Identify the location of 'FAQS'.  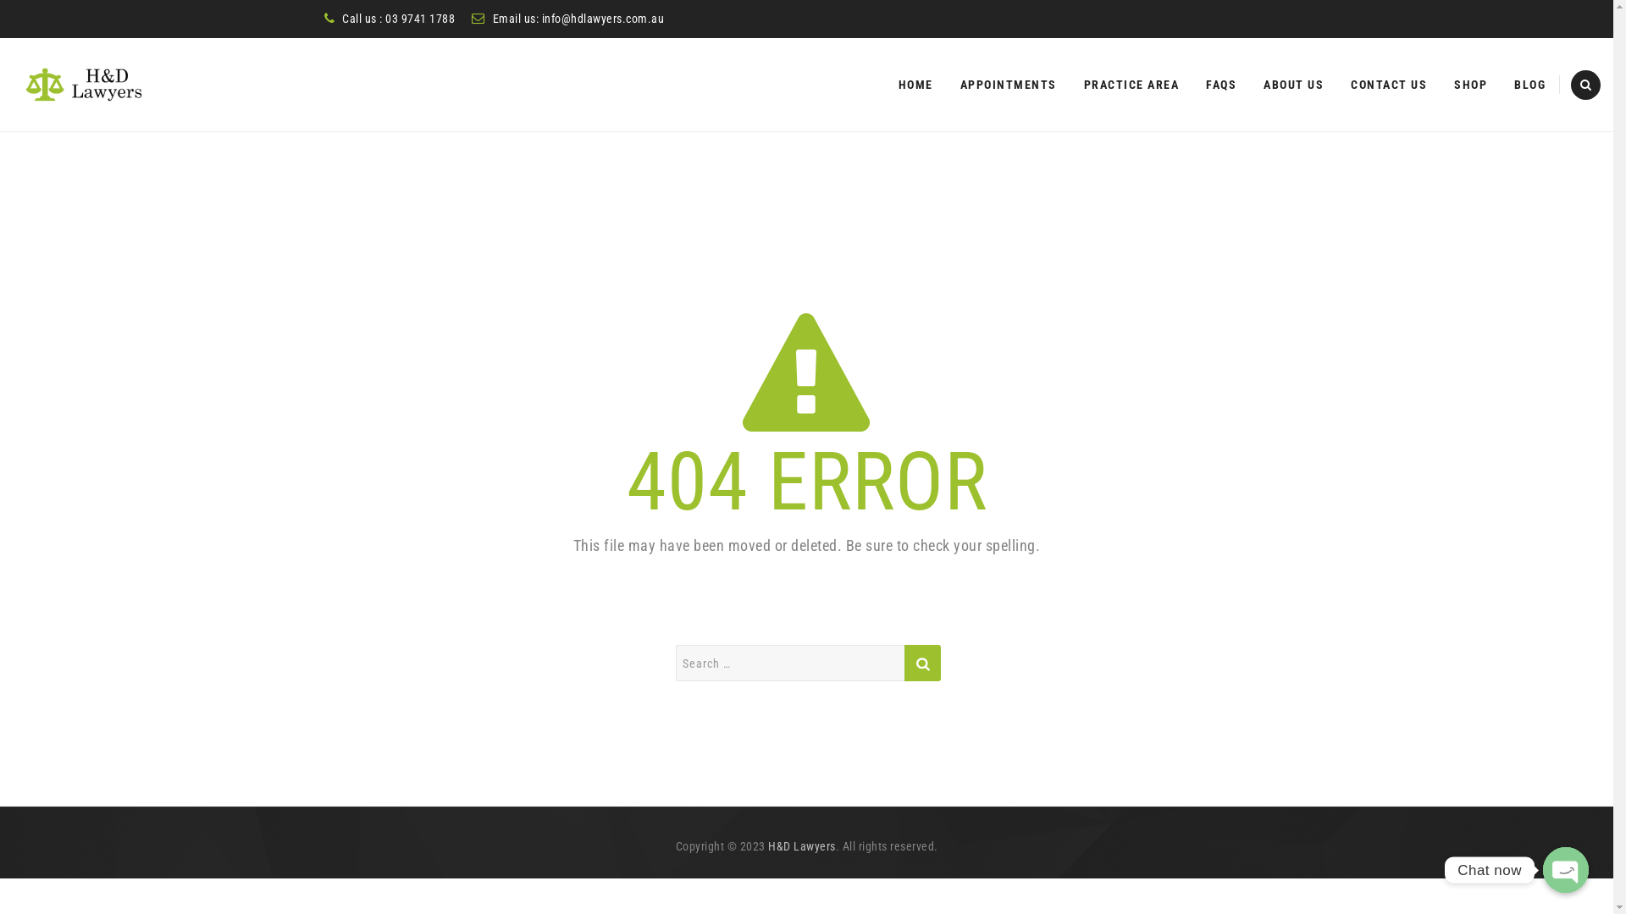
(1220, 85).